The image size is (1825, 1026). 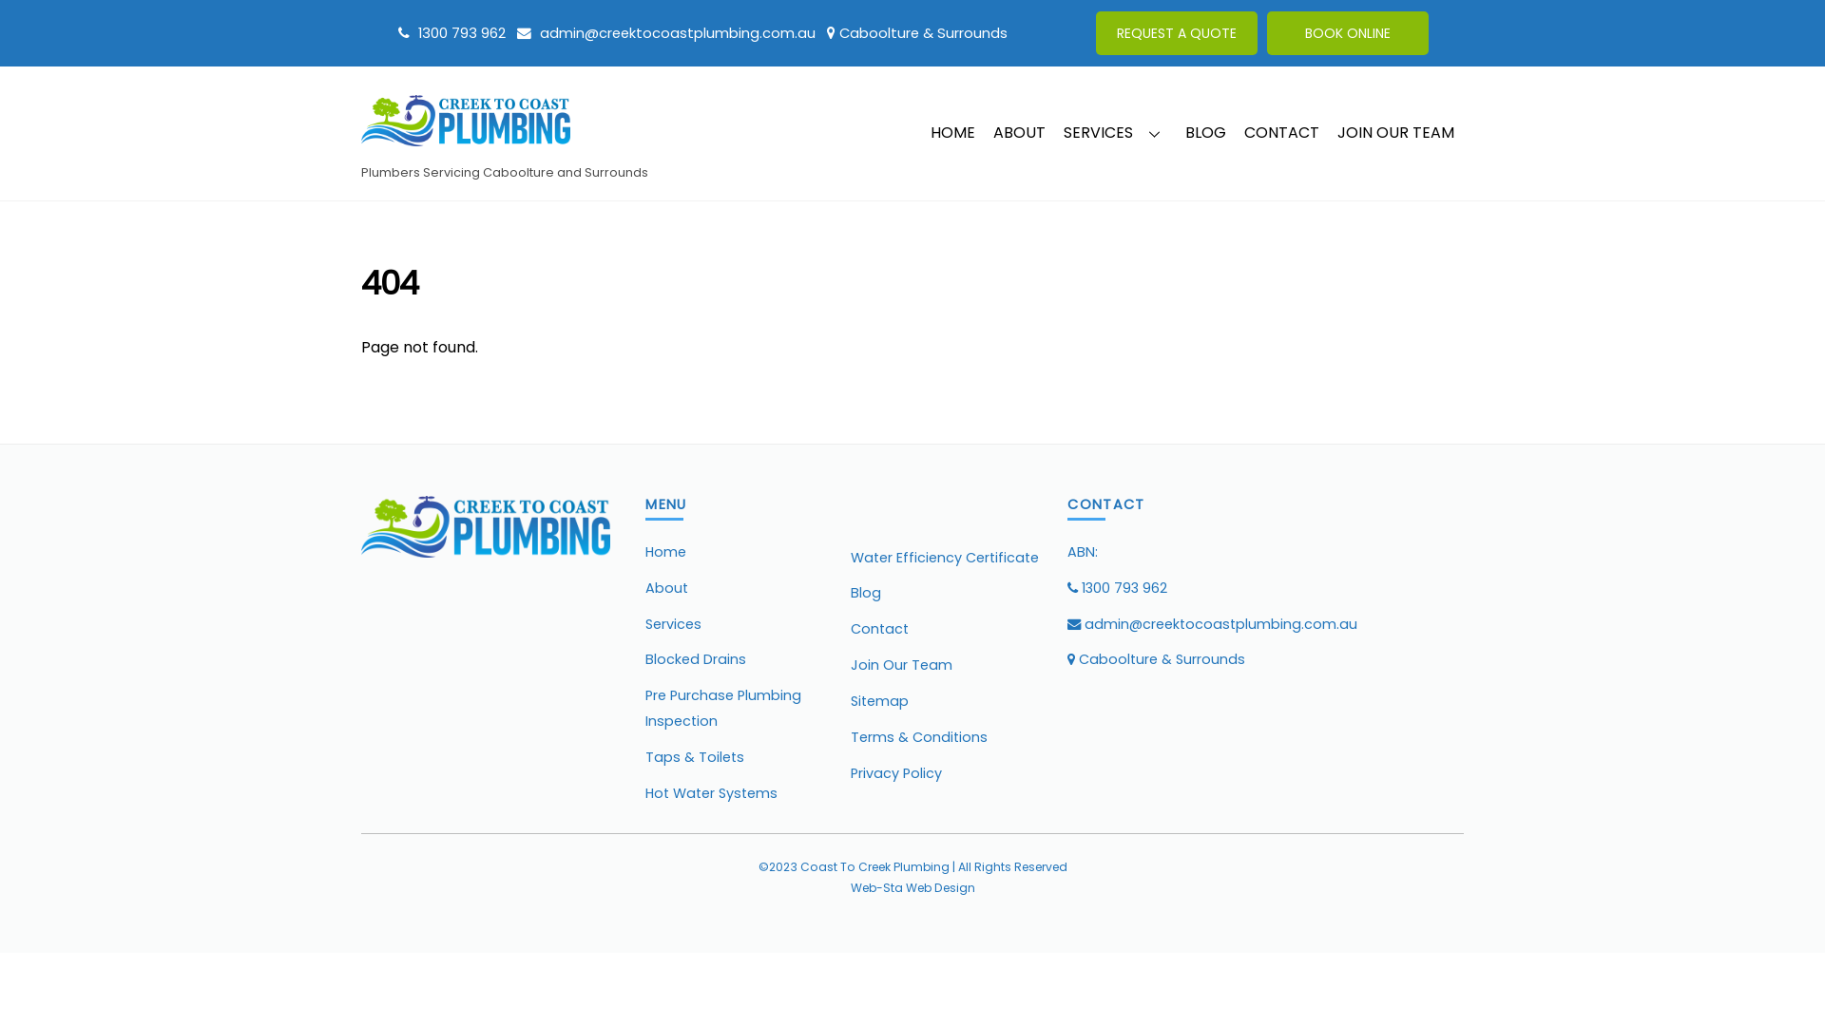 I want to click on 'Taps & Toilets', so click(x=693, y=756).